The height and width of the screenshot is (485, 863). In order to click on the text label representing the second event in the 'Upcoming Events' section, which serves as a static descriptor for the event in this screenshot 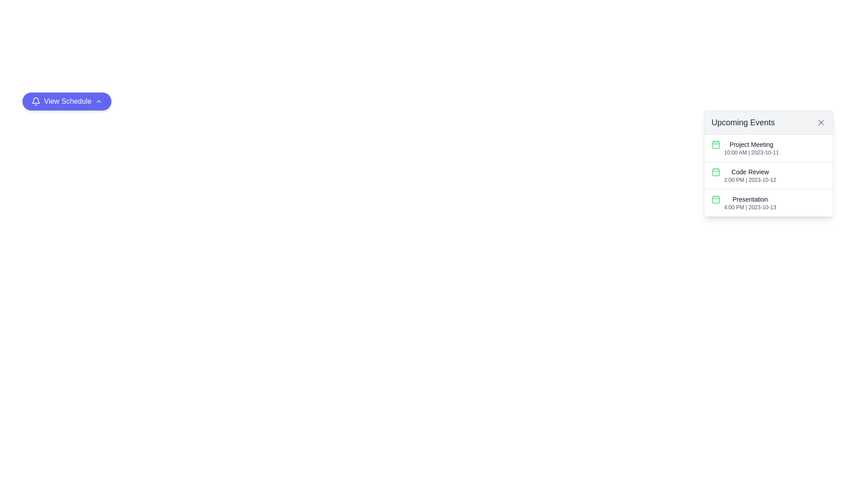, I will do `click(750, 172)`.